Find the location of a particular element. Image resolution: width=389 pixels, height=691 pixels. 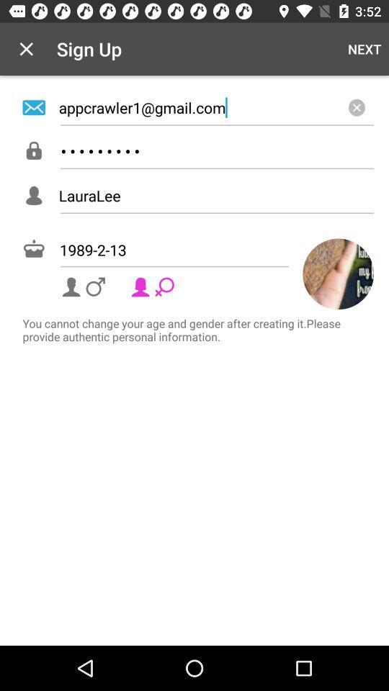

the first  mail image text field is located at coordinates (194, 107).